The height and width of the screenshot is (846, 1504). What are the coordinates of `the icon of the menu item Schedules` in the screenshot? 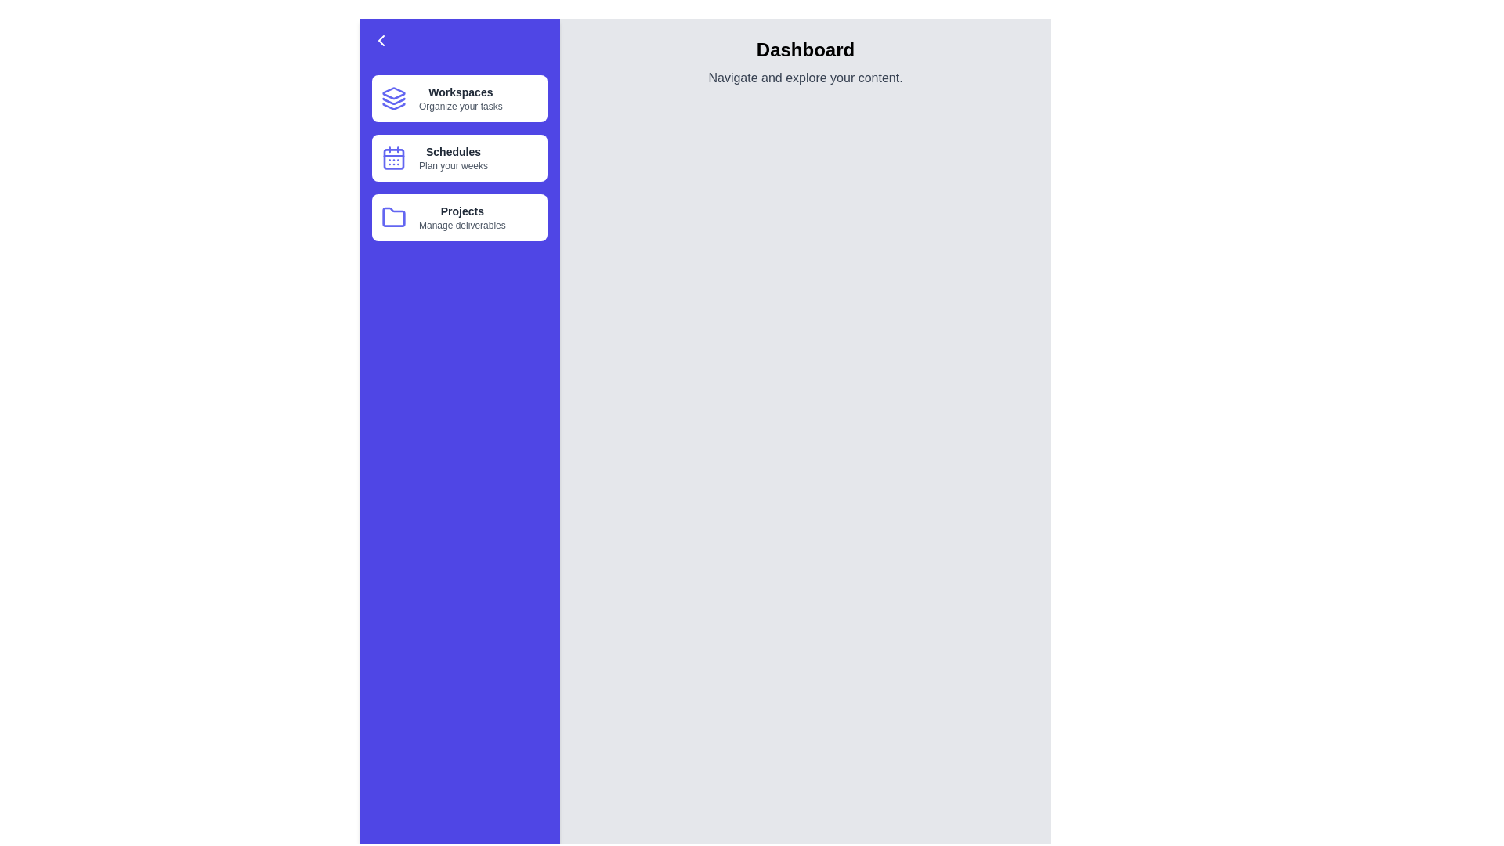 It's located at (394, 157).